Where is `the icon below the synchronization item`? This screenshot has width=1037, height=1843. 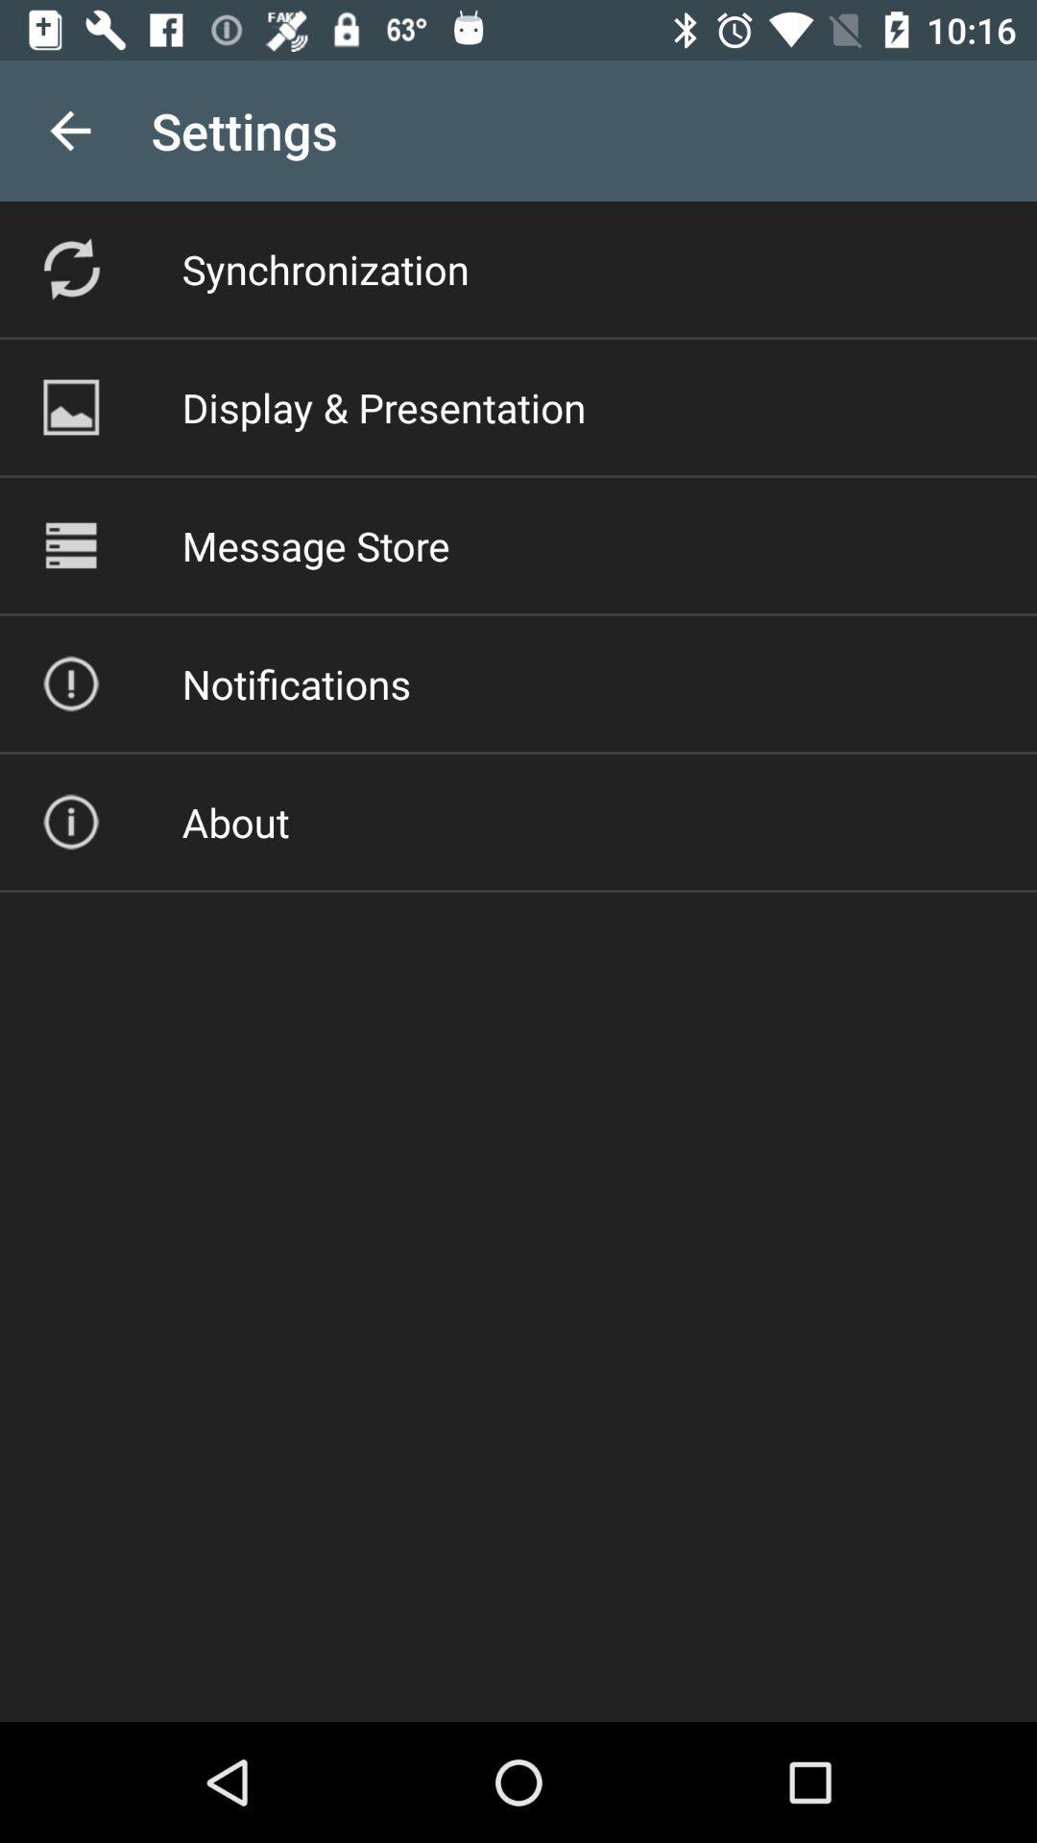 the icon below the synchronization item is located at coordinates (384, 406).